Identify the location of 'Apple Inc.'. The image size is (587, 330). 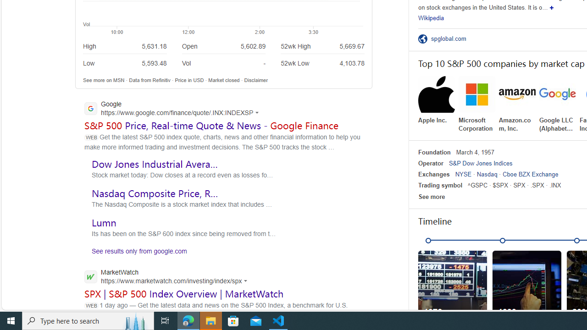
(436, 100).